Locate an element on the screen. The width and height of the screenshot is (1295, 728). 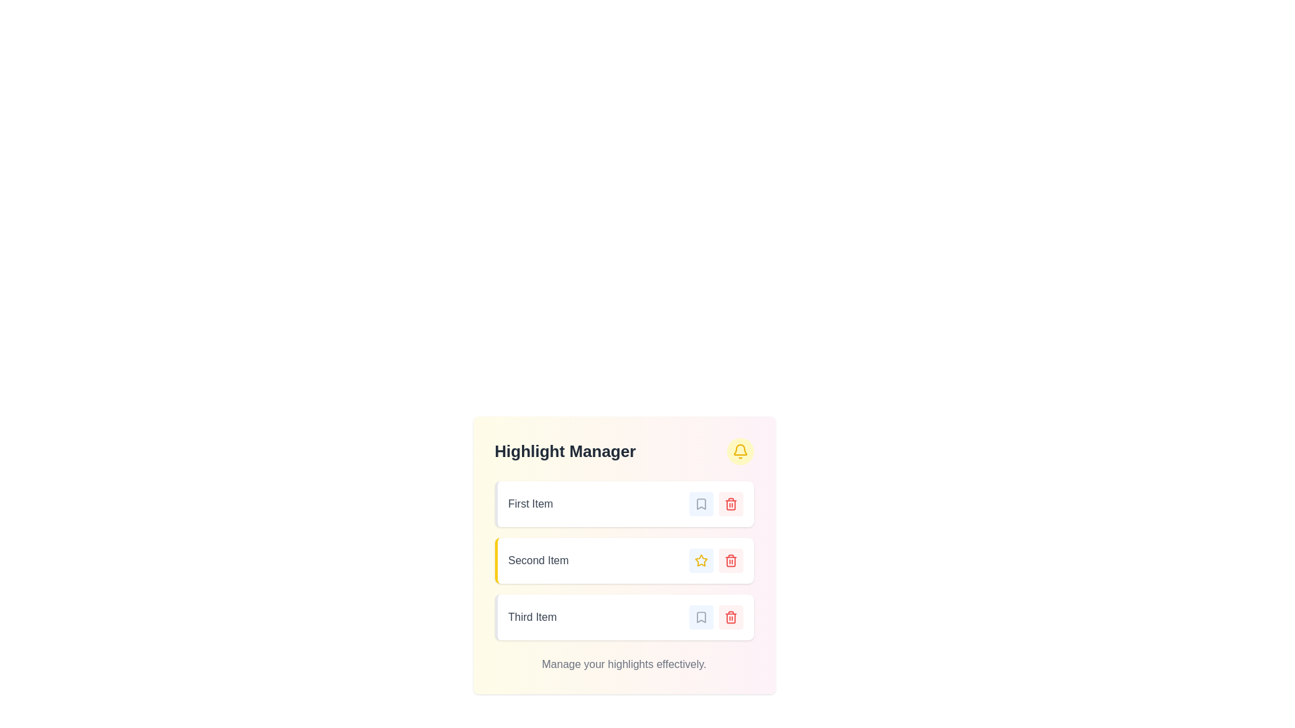
the first item is located at coordinates (623, 504).